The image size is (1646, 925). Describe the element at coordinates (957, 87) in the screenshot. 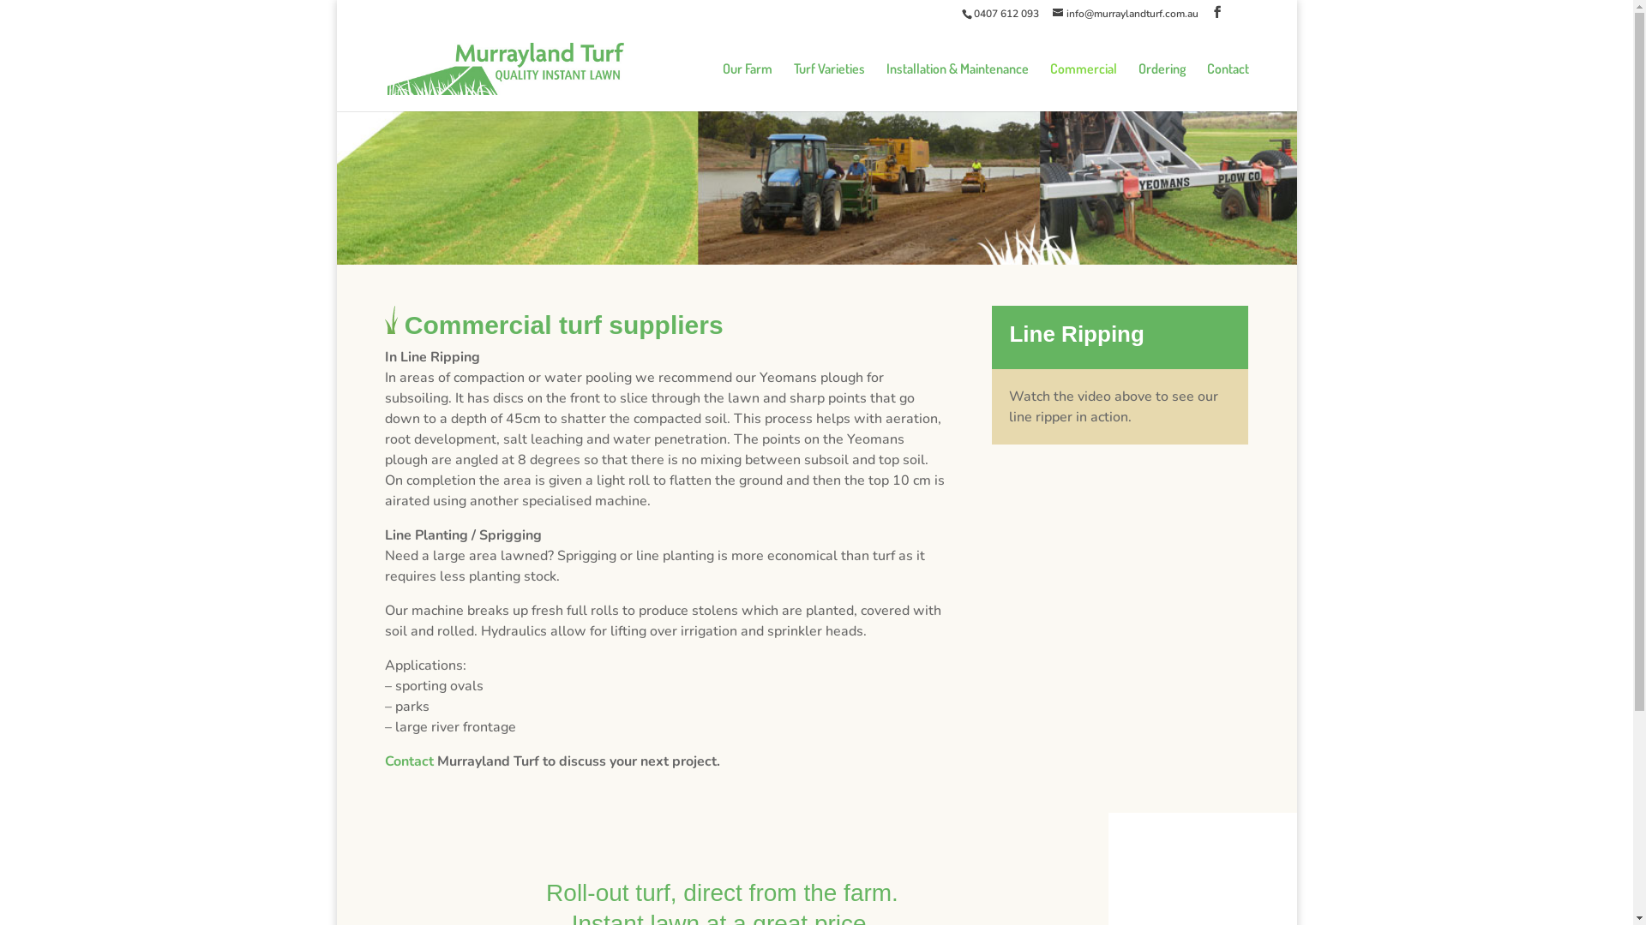

I see `'Installation & Maintenance'` at that location.